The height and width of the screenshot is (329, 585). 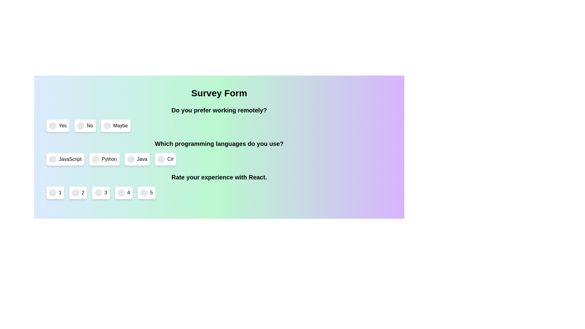 I want to click on text of the 'No' option label associated with the selection for remote work preference, which is part of a group of three options labeled 'Yes', 'No', and 'Maybe', so click(x=90, y=125).